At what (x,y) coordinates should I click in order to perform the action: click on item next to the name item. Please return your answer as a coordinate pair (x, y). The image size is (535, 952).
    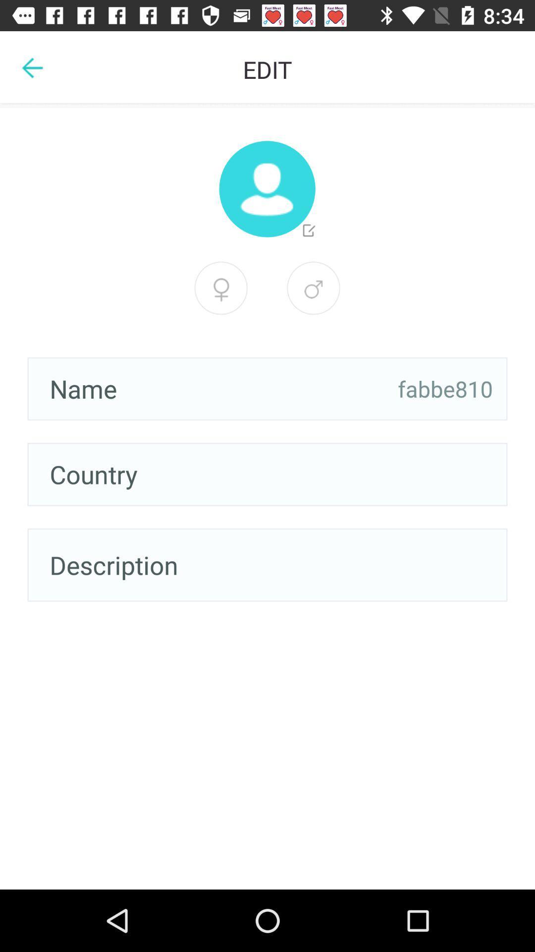
    Looking at the image, I should click on (445, 388).